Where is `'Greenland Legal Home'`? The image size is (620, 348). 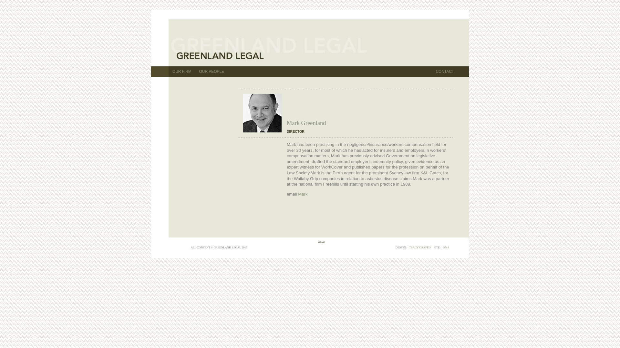
'Greenland Legal Home' is located at coordinates (281, 43).